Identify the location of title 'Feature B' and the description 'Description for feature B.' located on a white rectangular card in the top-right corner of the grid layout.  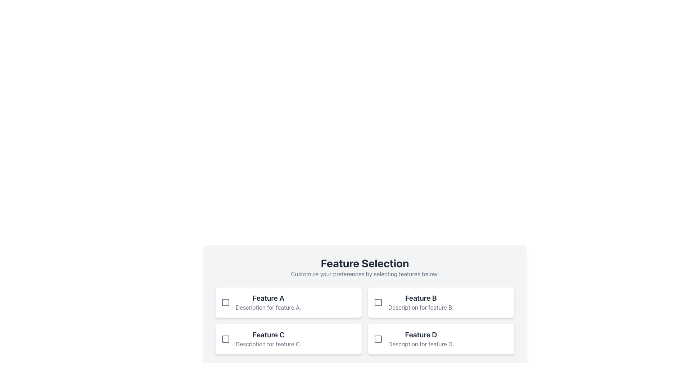
(441, 302).